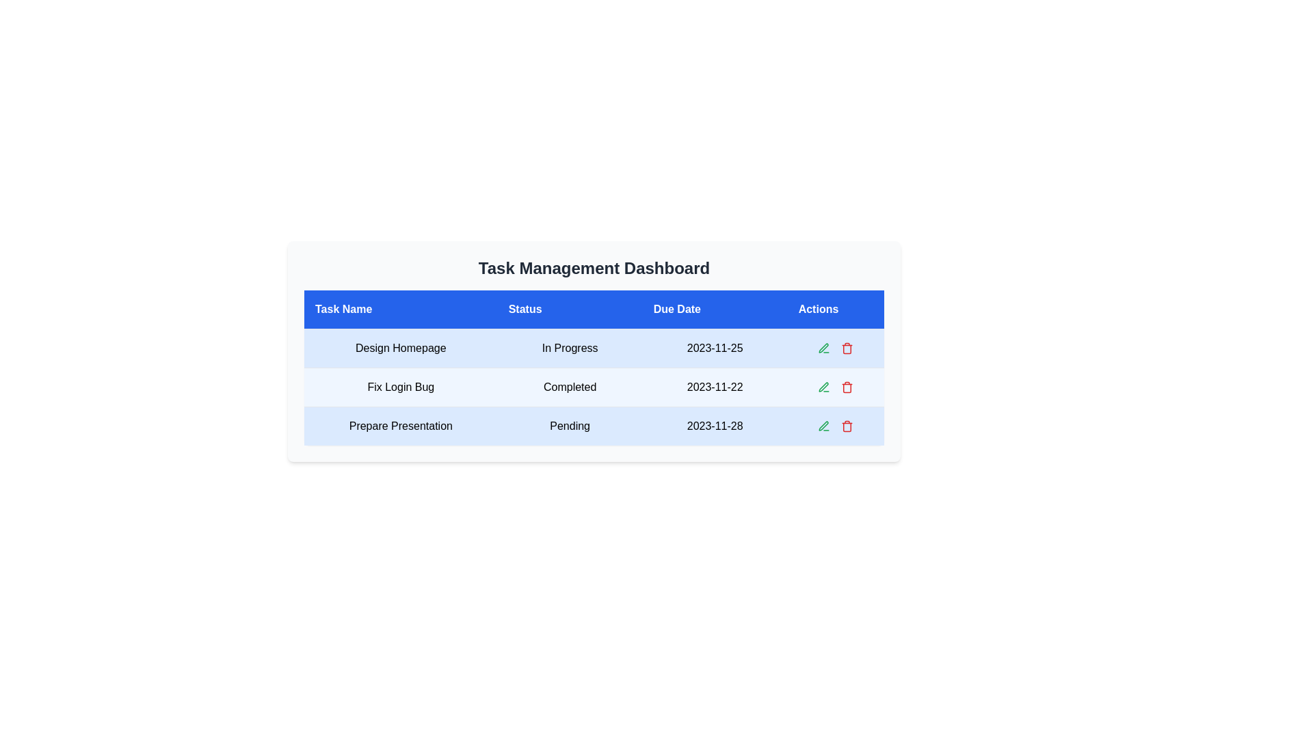  I want to click on the delete button located in the 'Actions' column of the row for the task 'Fix Login Bug', so click(847, 387).